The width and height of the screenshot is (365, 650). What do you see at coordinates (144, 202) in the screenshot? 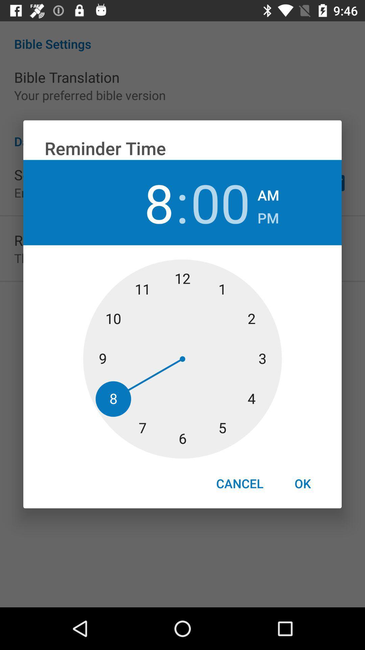
I see `the 8` at bounding box center [144, 202].